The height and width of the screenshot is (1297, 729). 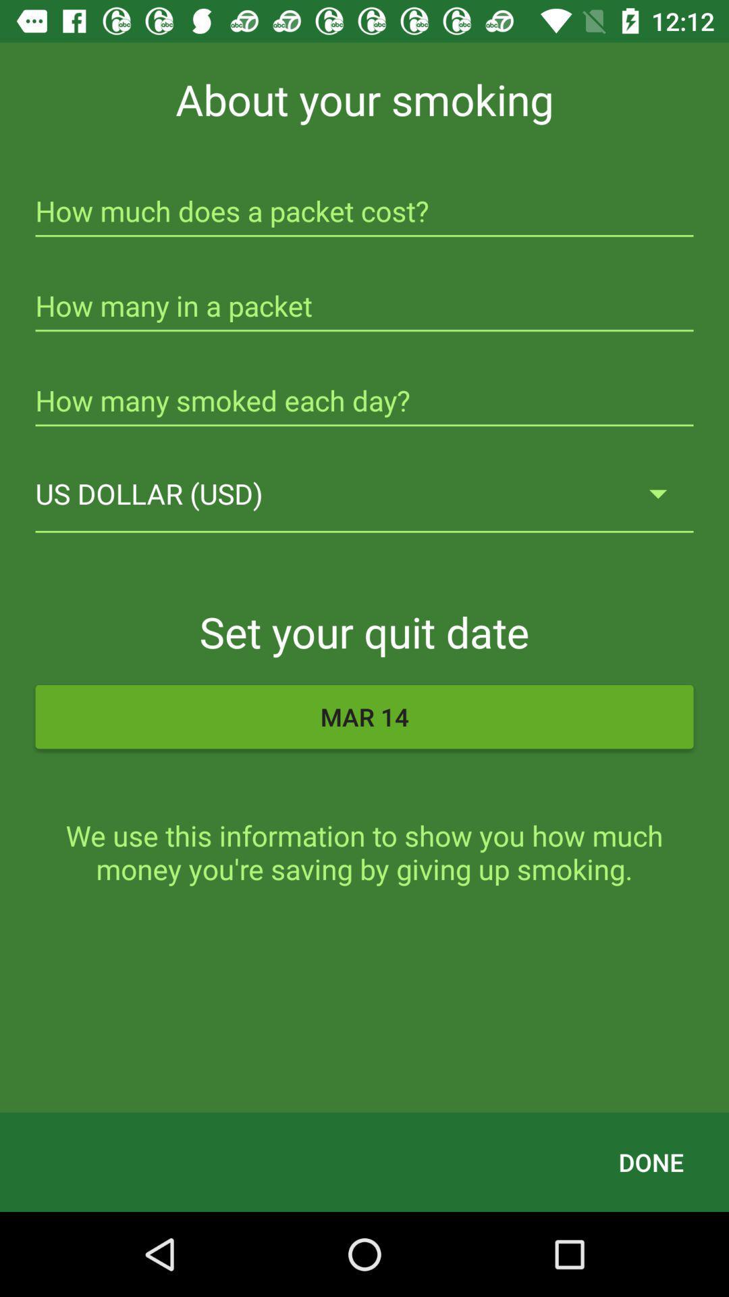 What do you see at coordinates (650, 1161) in the screenshot?
I see `the icon at the bottom right corner` at bounding box center [650, 1161].